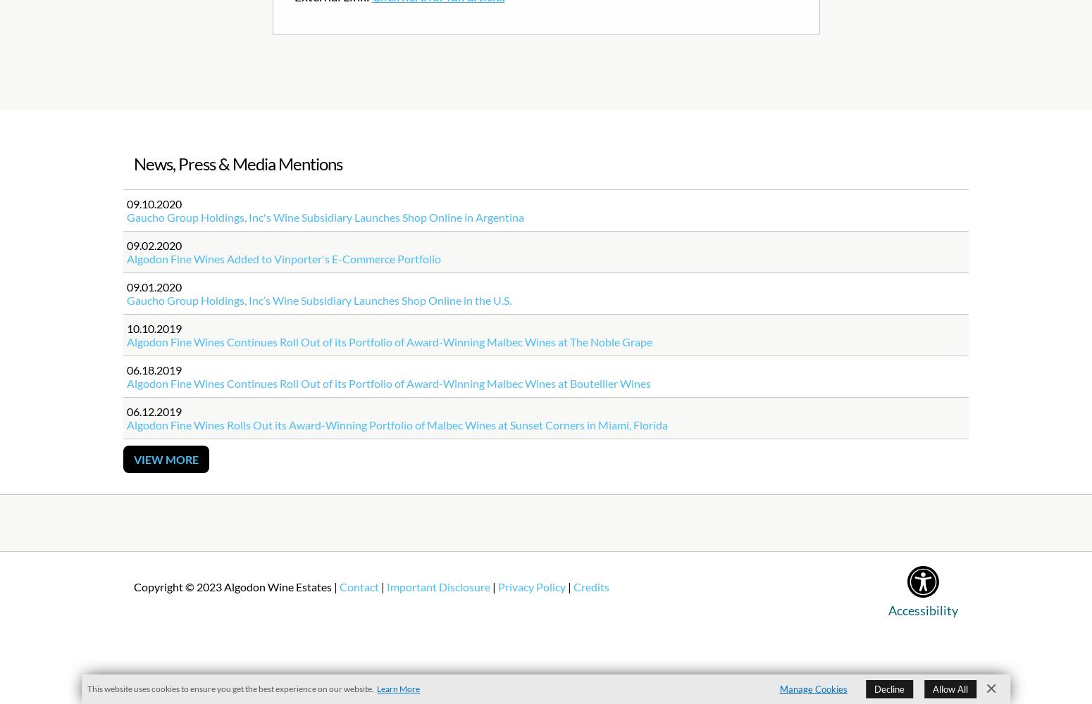 The image size is (1092, 704). Describe the element at coordinates (125, 244) in the screenshot. I see `'09.02.2020'` at that location.